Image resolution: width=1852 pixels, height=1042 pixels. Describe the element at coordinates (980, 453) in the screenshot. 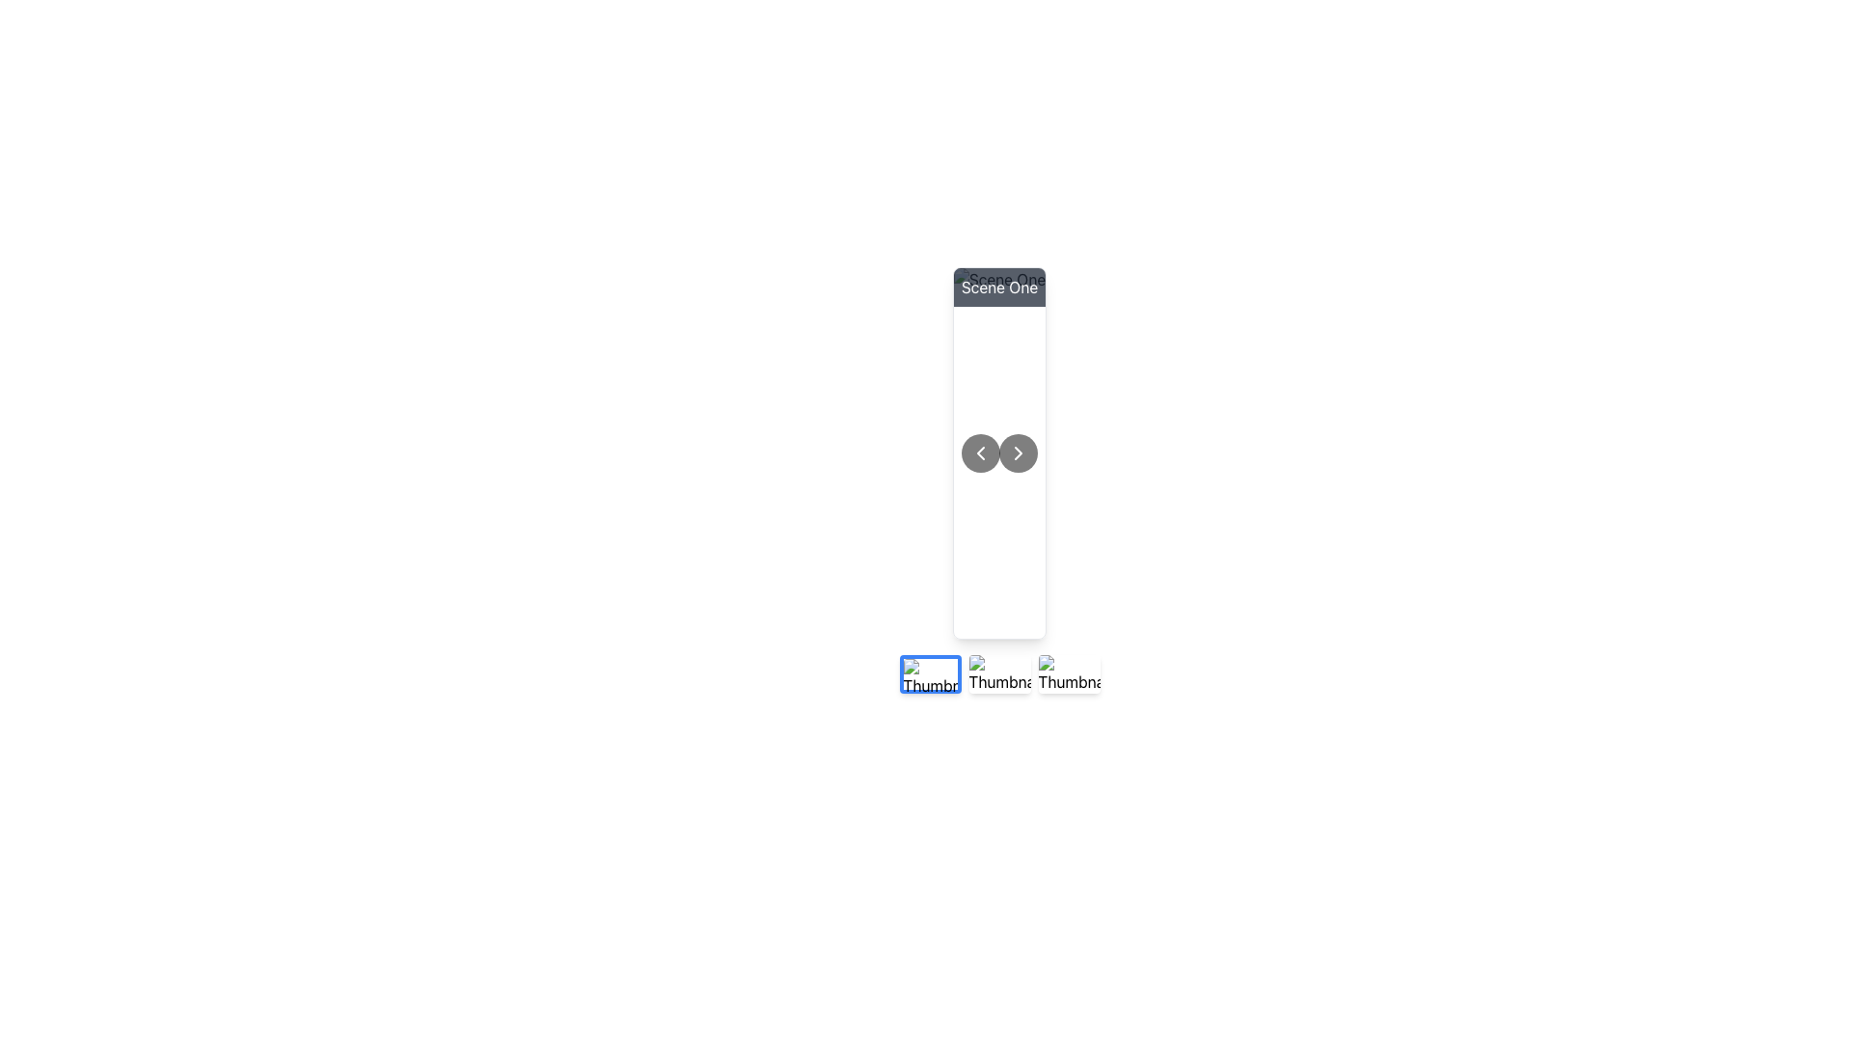

I see `the left-facing navigation button represented by a vector arrow icon` at that location.